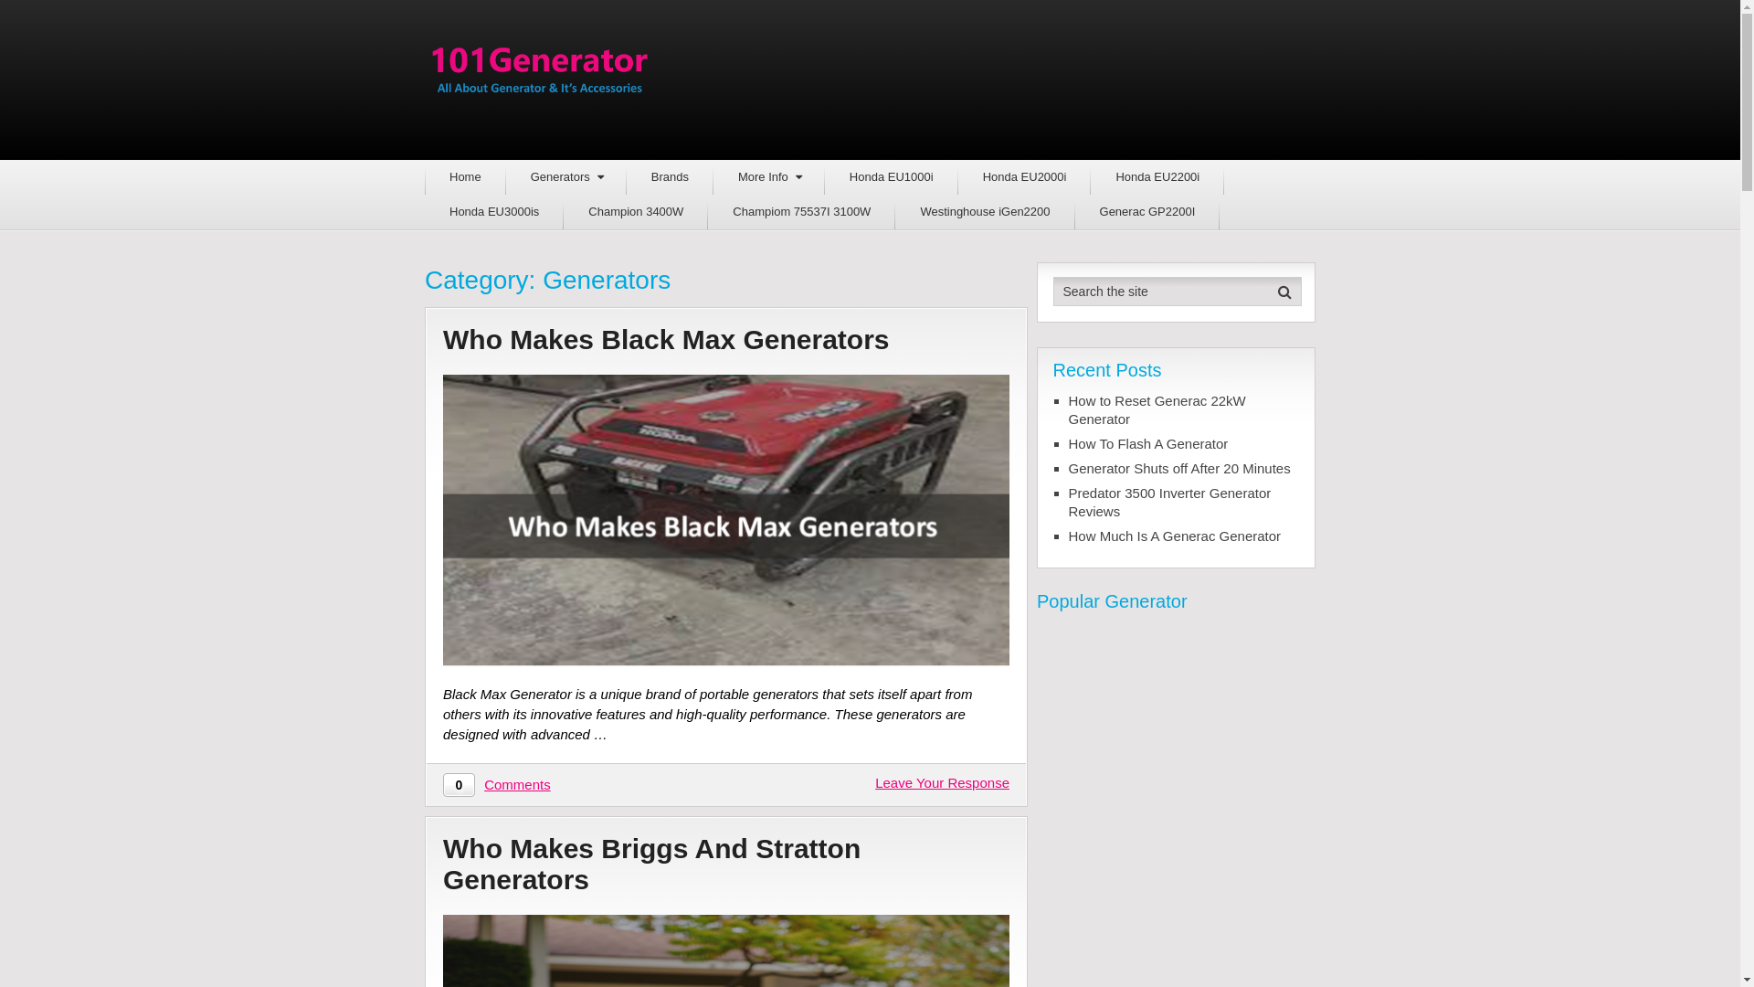 This screenshot has height=987, width=1754. I want to click on 'Home', so click(424, 176).